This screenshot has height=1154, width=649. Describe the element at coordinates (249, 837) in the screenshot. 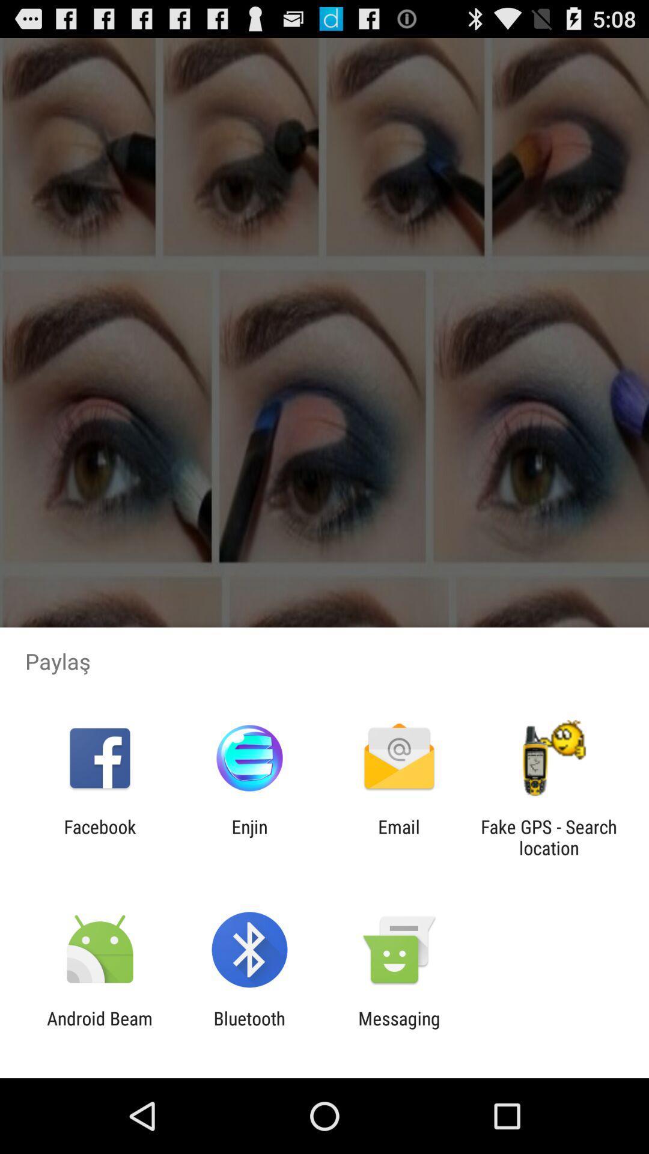

I see `icon next to the email icon` at that location.